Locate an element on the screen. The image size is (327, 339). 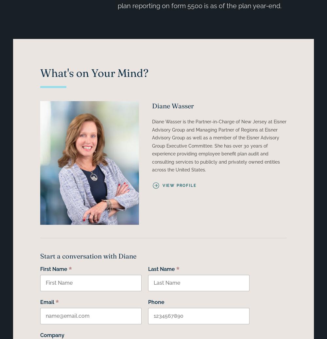
'Email' is located at coordinates (47, 302).